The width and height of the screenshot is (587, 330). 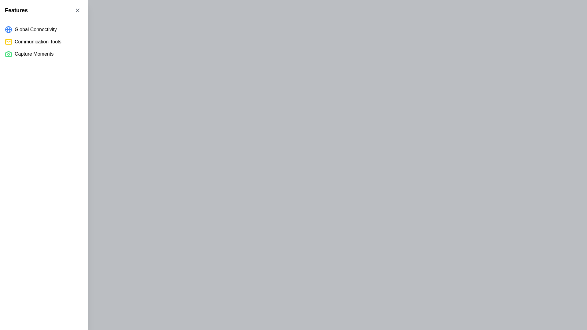 What do you see at coordinates (9, 29) in the screenshot?
I see `the globe icon styled with intersecting lines and circular outline, which is positioned beside the text 'Global Connectivity' in the sidebar` at bounding box center [9, 29].